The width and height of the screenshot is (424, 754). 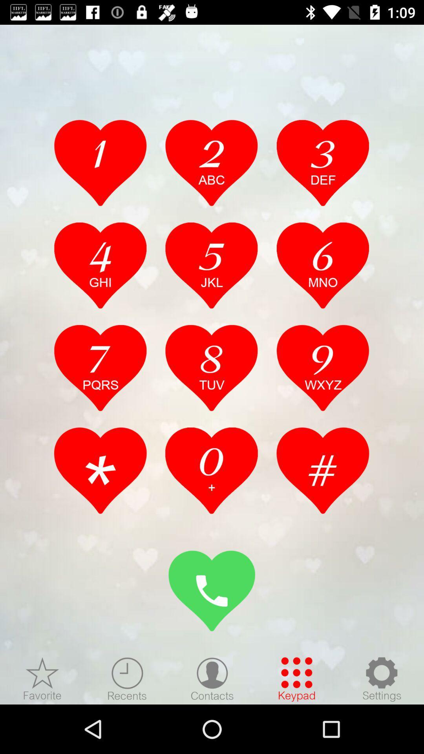 What do you see at coordinates (100, 162) in the screenshot?
I see `the digit one heart button` at bounding box center [100, 162].